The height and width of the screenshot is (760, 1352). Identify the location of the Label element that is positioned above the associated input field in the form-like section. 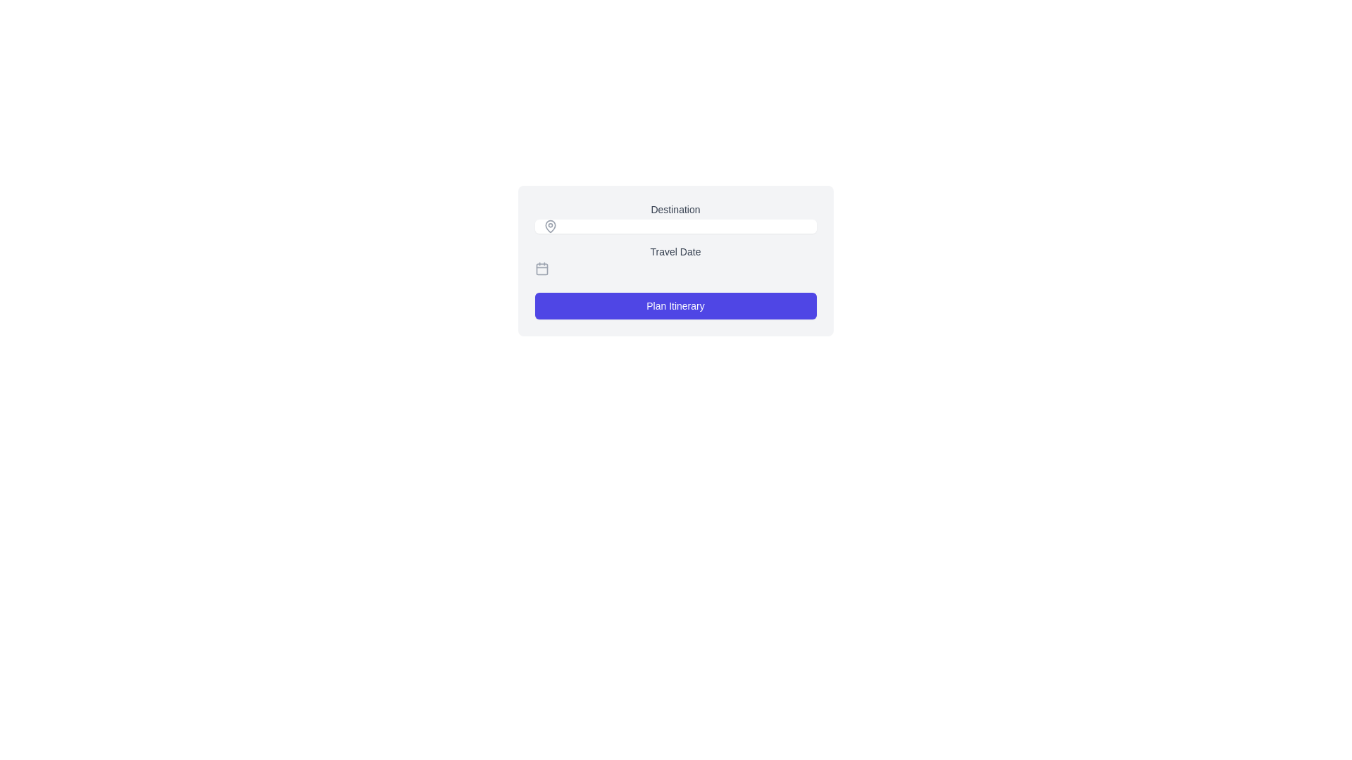
(675, 217).